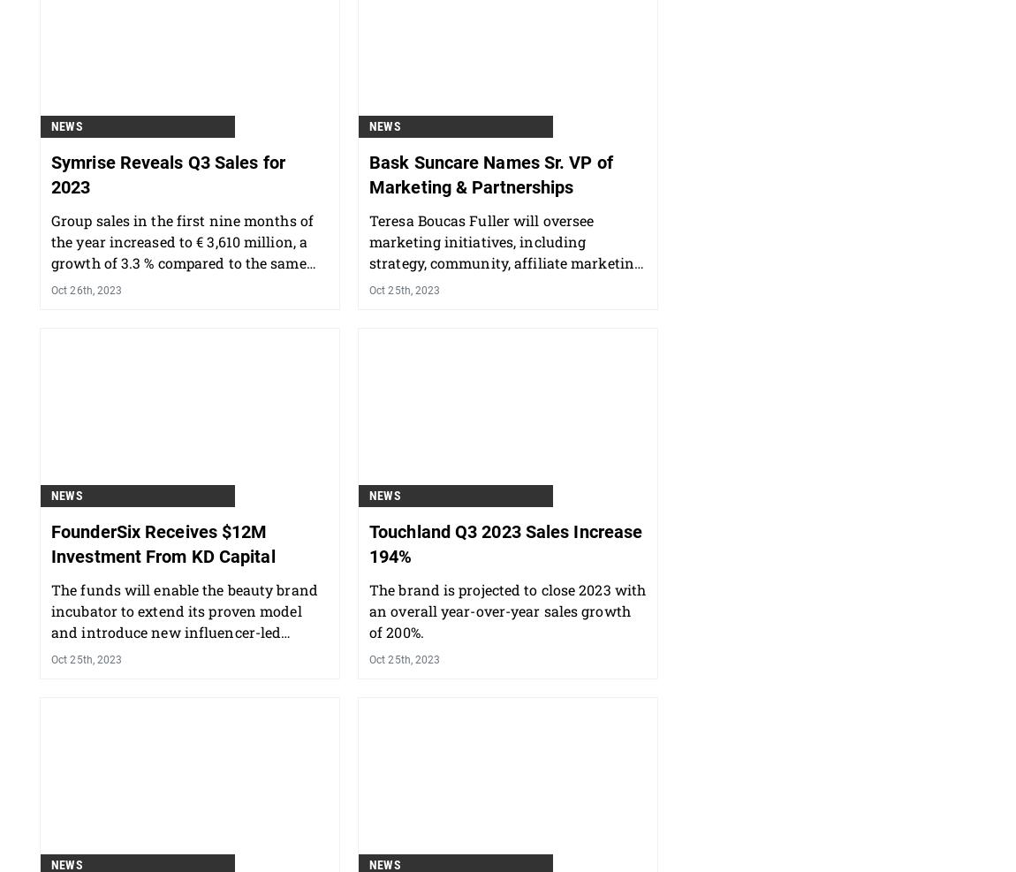  Describe the element at coordinates (490, 266) in the screenshot. I see `'Bask Suncare Names Sr. VP of Marketing & Partnerships'` at that location.